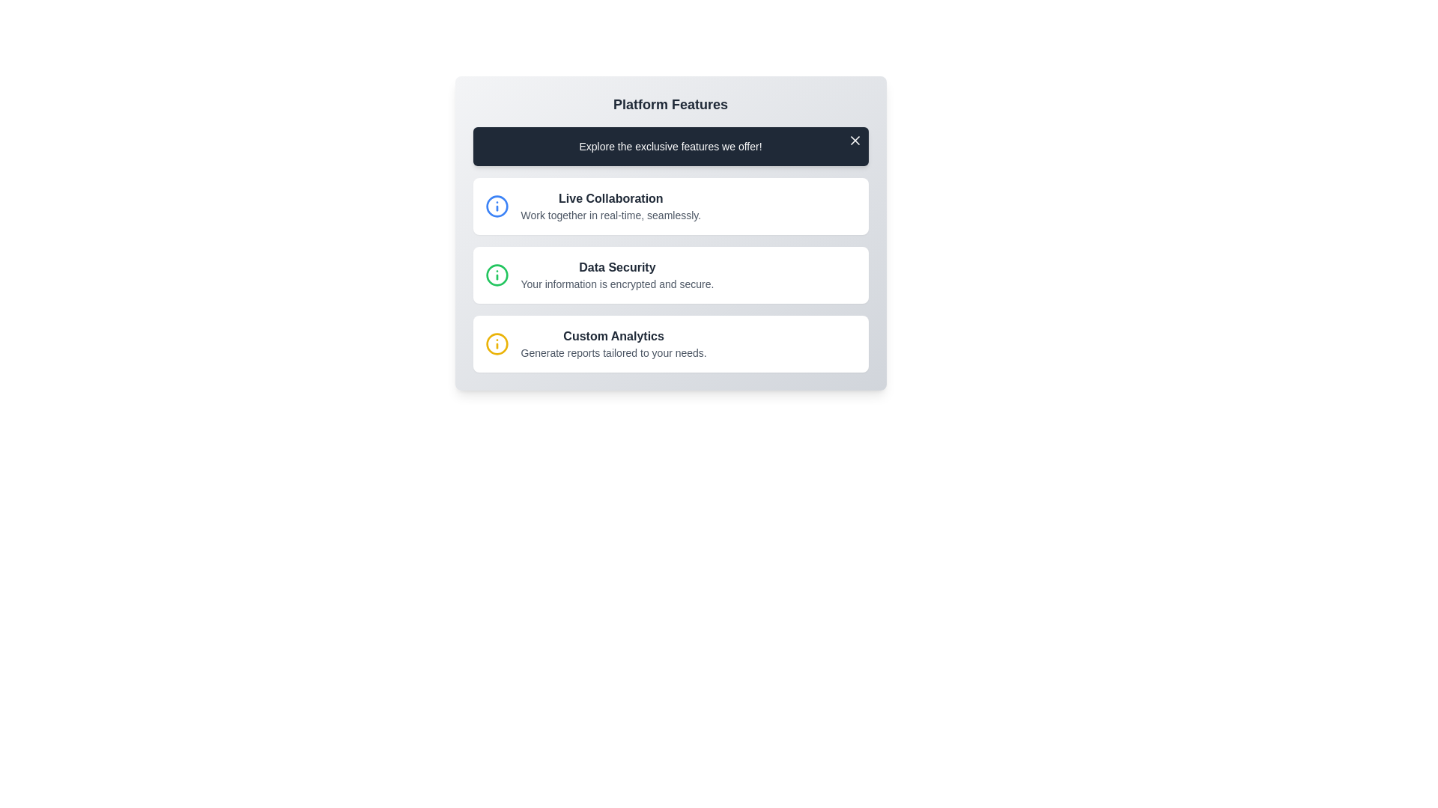  I want to click on the text element that says 'Generate reports tailored to your needs.' styled in light gray, located beneath the title 'Custom Analytics' in a vertical list within a feature card, so click(613, 352).